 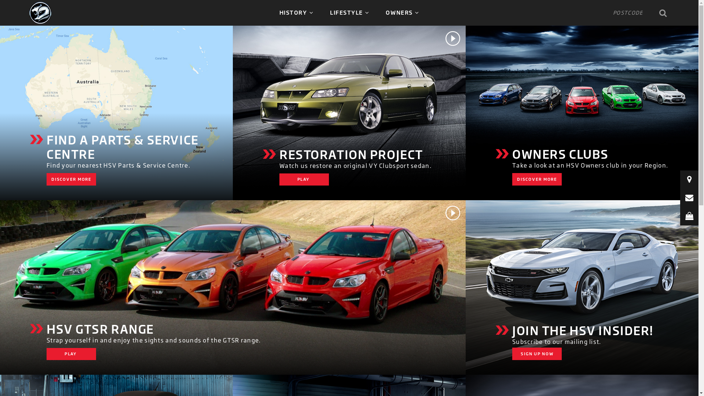 What do you see at coordinates (296, 12) in the screenshot?
I see `'HISTORY'` at bounding box center [296, 12].